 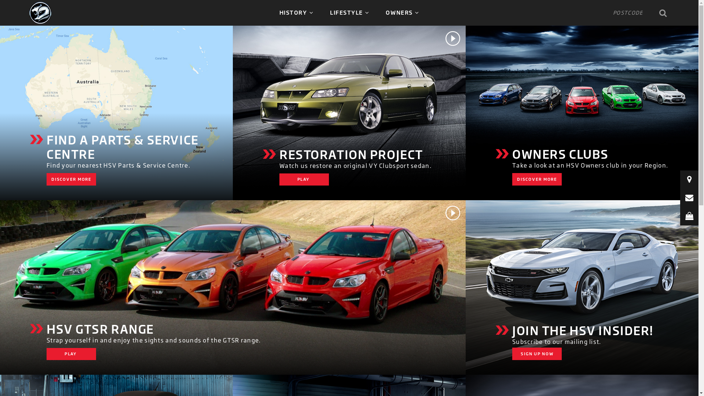 What do you see at coordinates (296, 12) in the screenshot?
I see `'HISTORY'` at bounding box center [296, 12].